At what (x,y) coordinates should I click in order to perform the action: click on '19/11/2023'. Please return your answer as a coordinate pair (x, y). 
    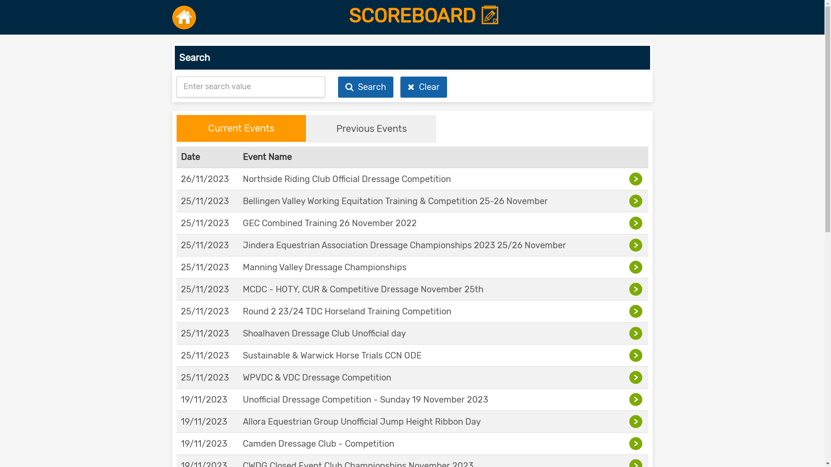
    Looking at the image, I should click on (203, 421).